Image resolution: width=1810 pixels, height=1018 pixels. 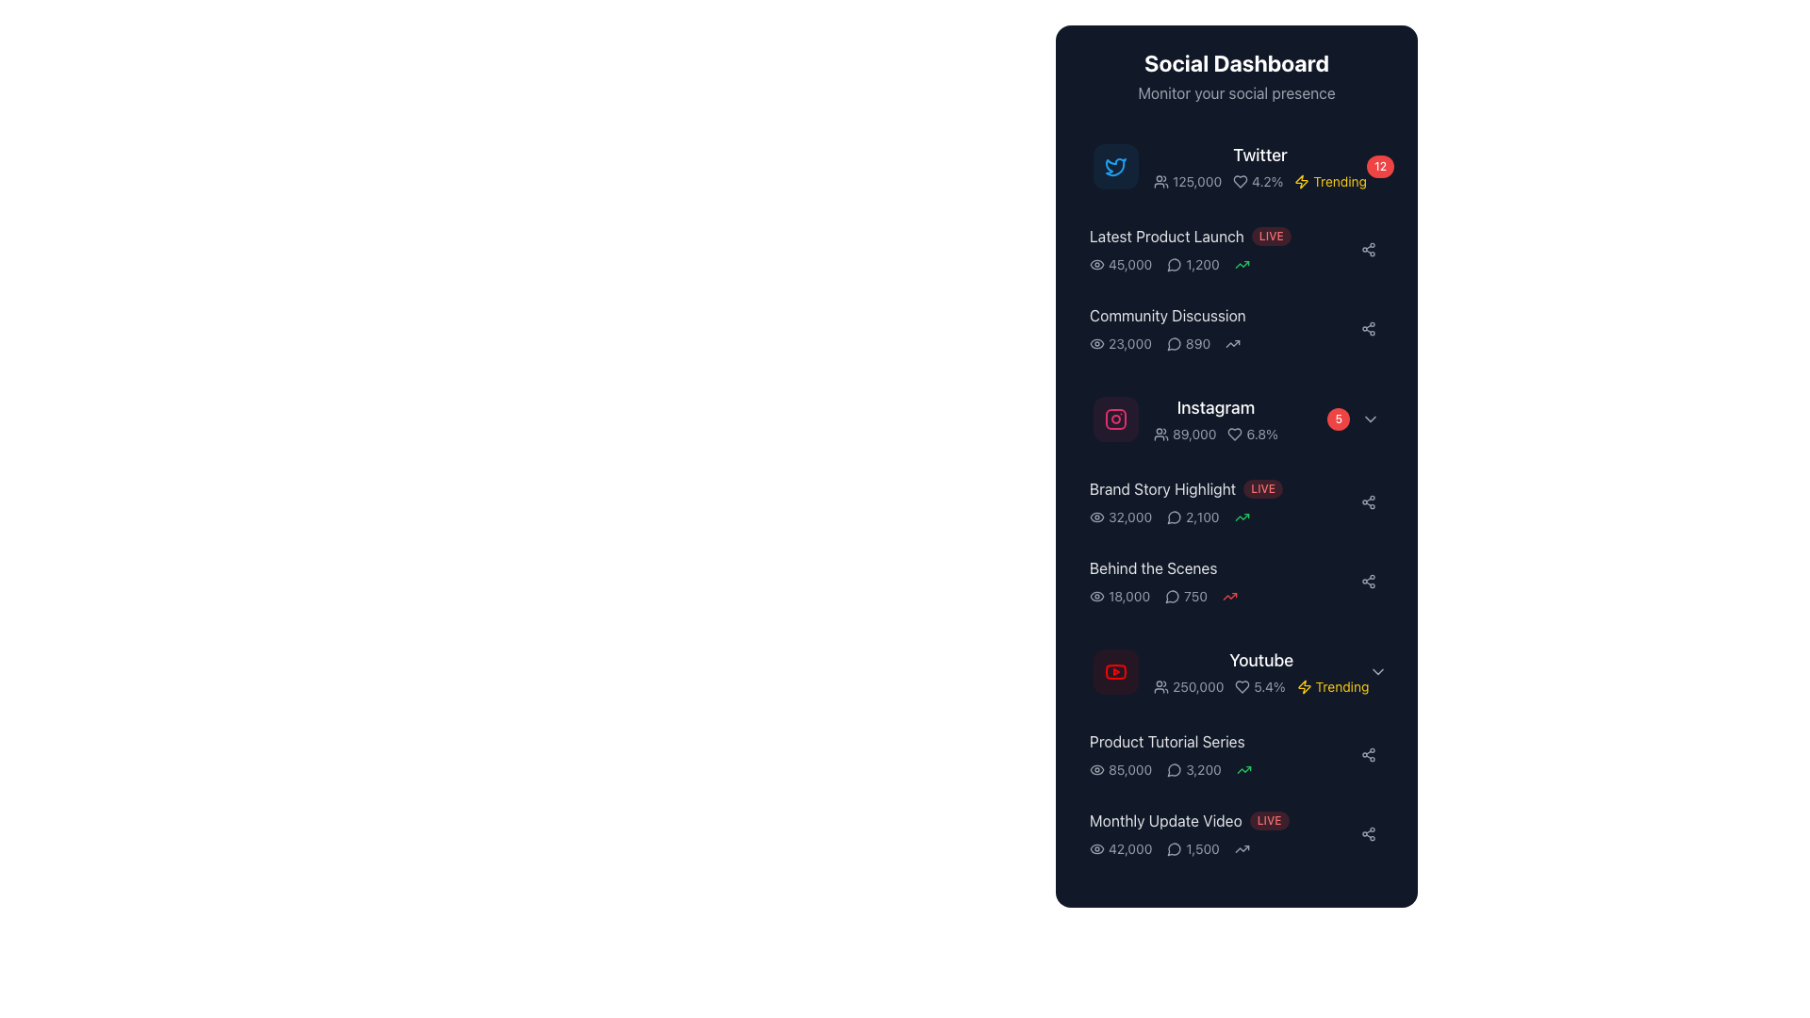 I want to click on the SVG graphic element that serves as a visual indicator for user interaction data, located on the right side of the 'Community Discussion' list item, so click(x=1096, y=265).